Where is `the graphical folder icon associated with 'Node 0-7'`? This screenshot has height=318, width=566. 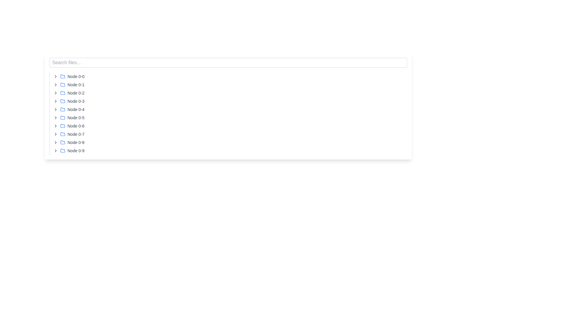 the graphical folder icon associated with 'Node 0-7' is located at coordinates (62, 134).